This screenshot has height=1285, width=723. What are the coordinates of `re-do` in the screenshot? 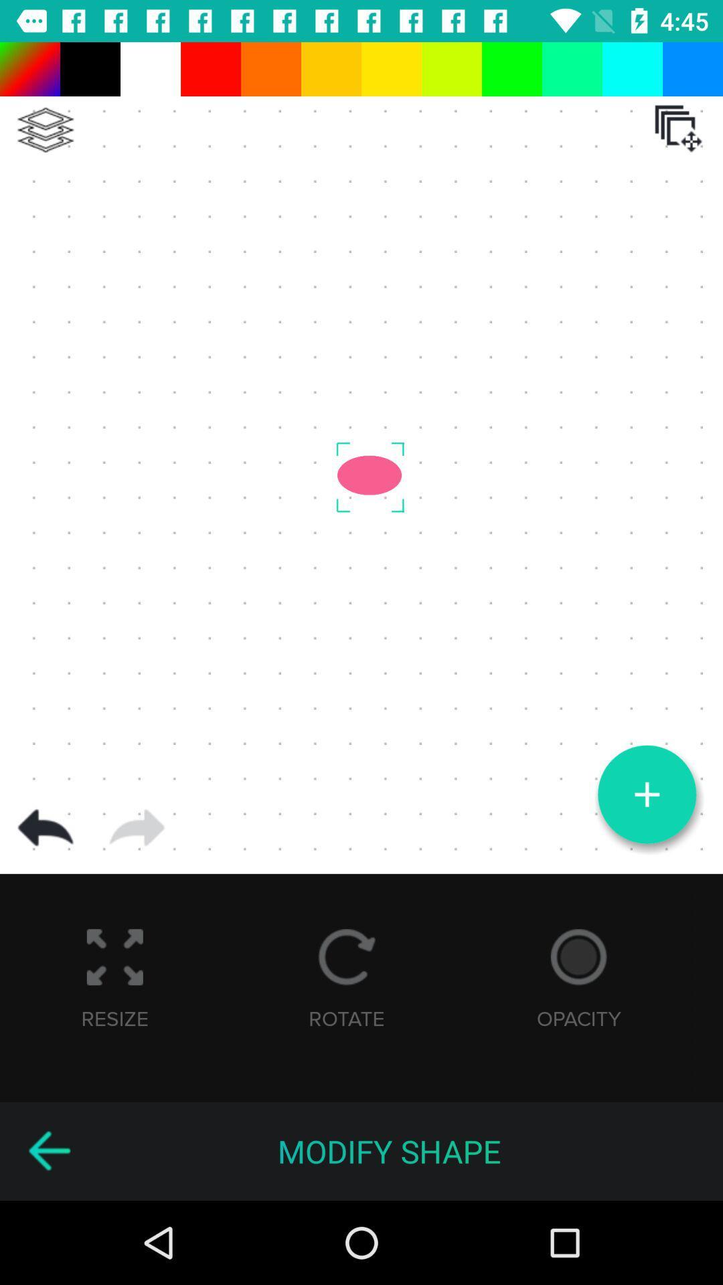 It's located at (137, 827).